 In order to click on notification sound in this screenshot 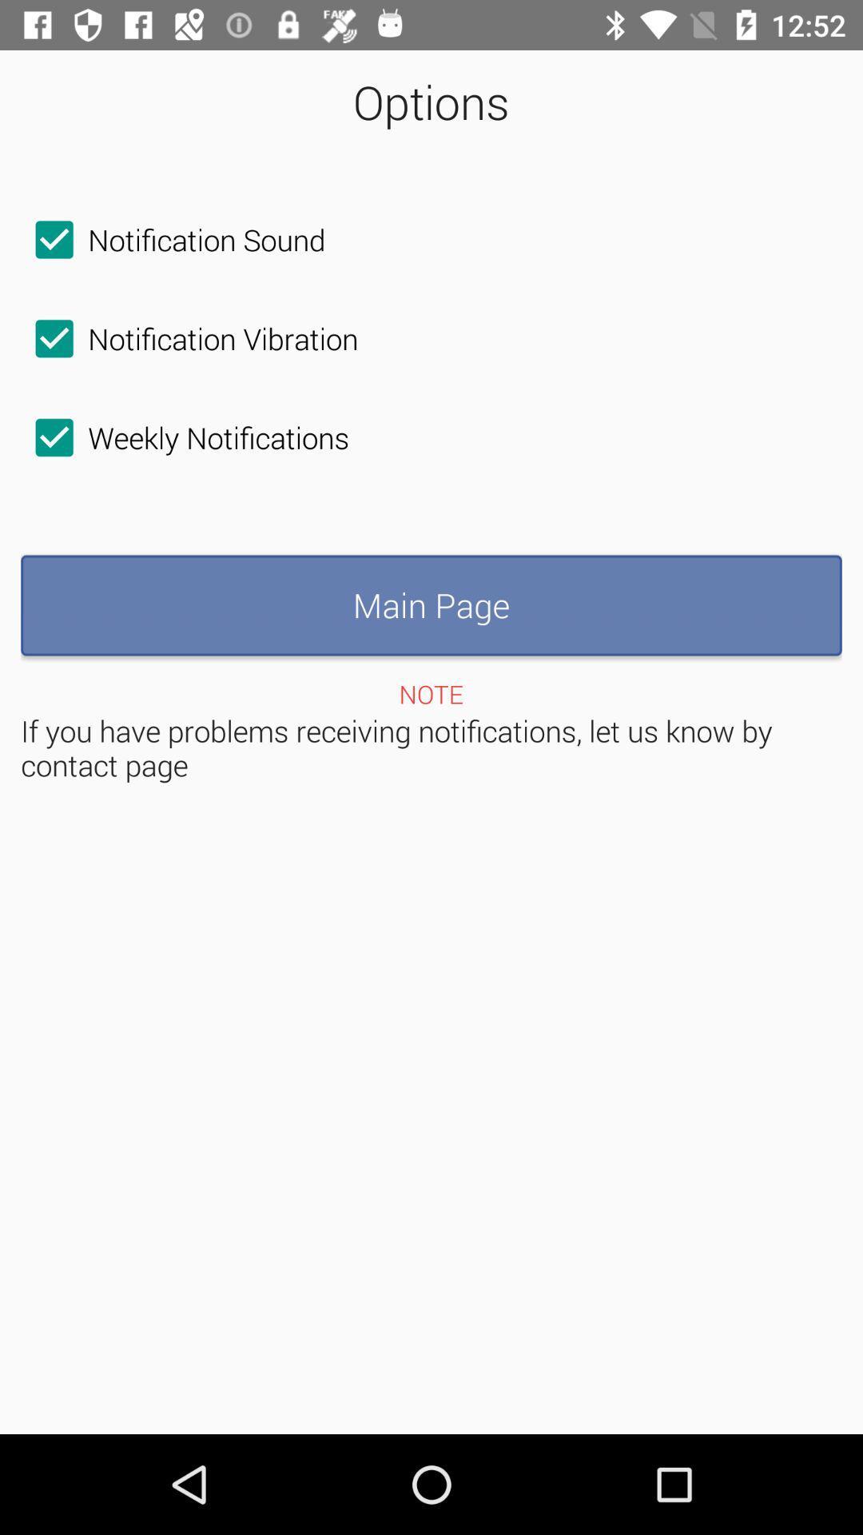, I will do `click(173, 238)`.